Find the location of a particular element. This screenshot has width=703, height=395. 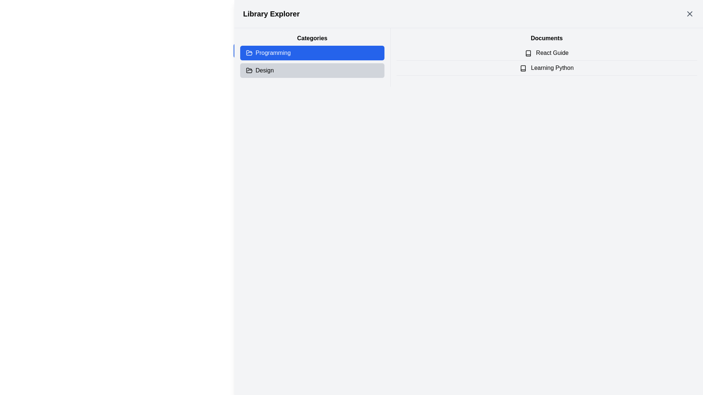

the 'React Guide' text label with an accompanying book icon is located at coordinates (546, 53).